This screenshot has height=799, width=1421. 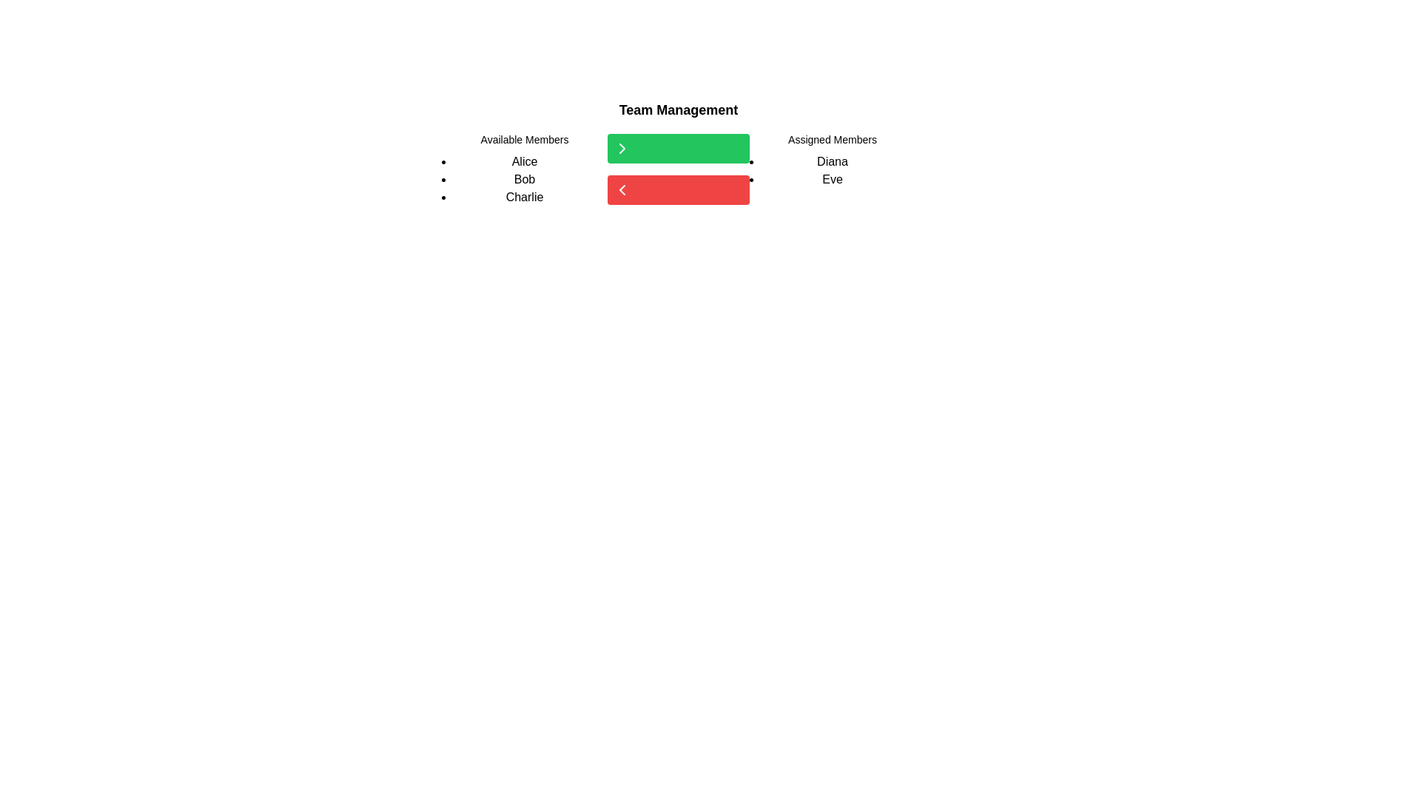 I want to click on the Chevron Arrow SVG graphic, which serves as a navigational indicator for assigning or moving items within the interface, located near the middle of the interface, slightly to the left of the 'Assigned Members' section, so click(x=622, y=148).